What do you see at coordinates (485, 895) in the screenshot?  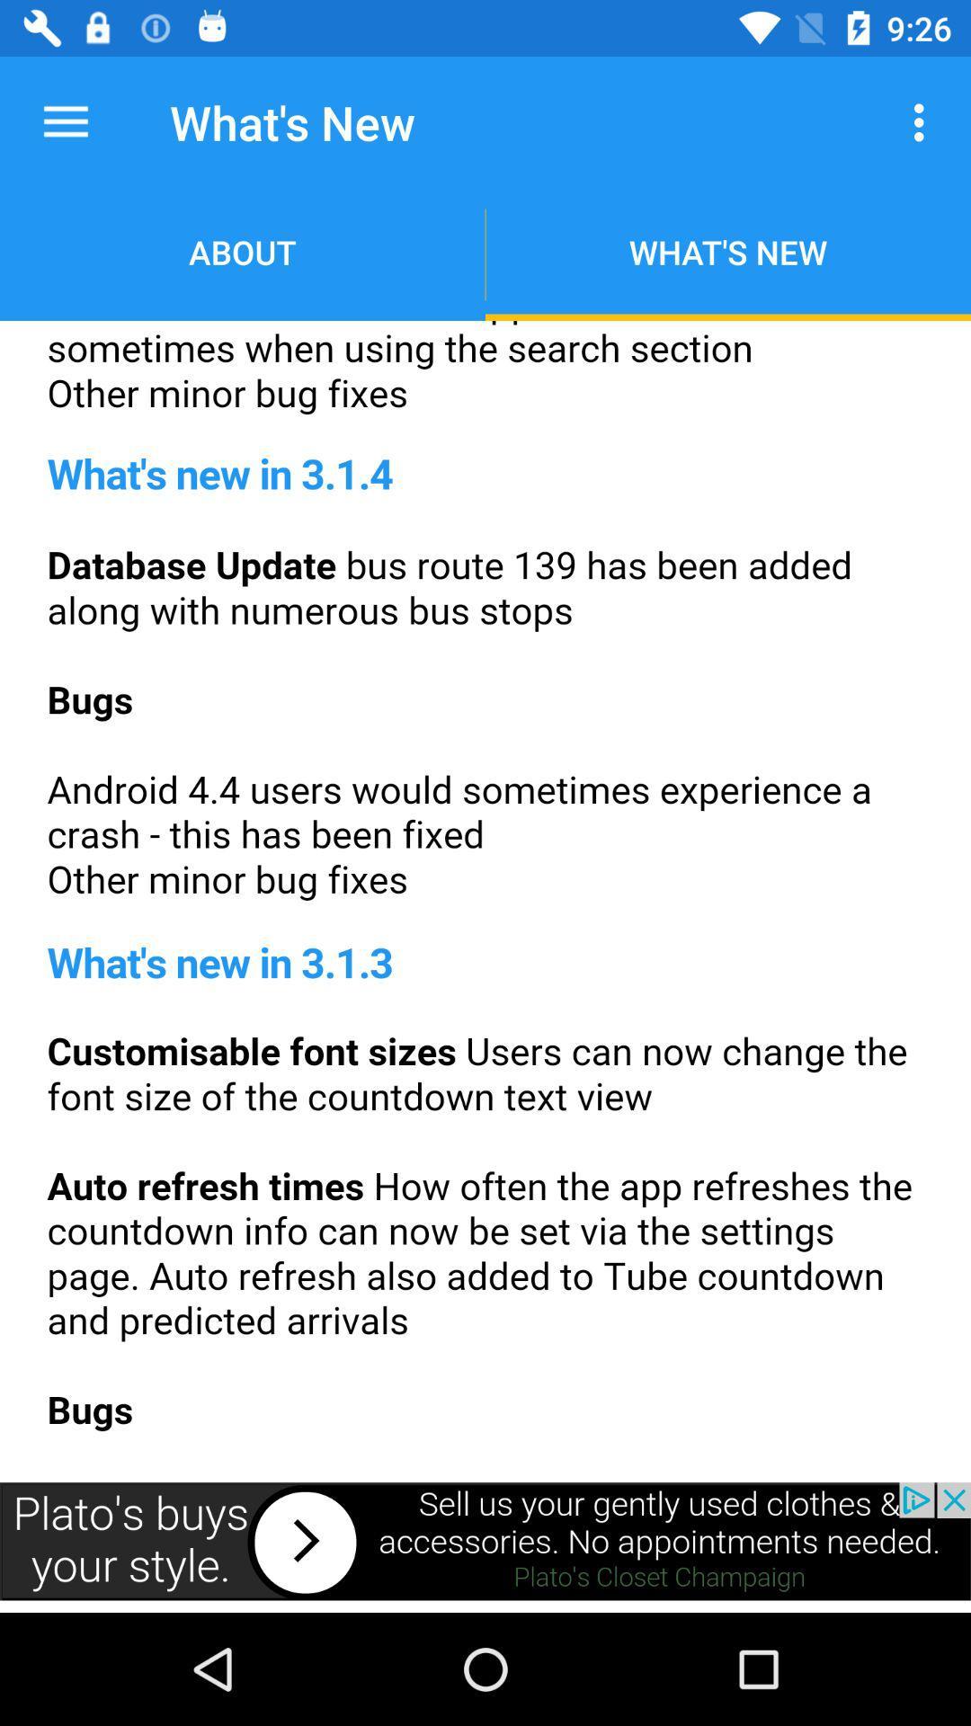 I see `scroll through text` at bounding box center [485, 895].